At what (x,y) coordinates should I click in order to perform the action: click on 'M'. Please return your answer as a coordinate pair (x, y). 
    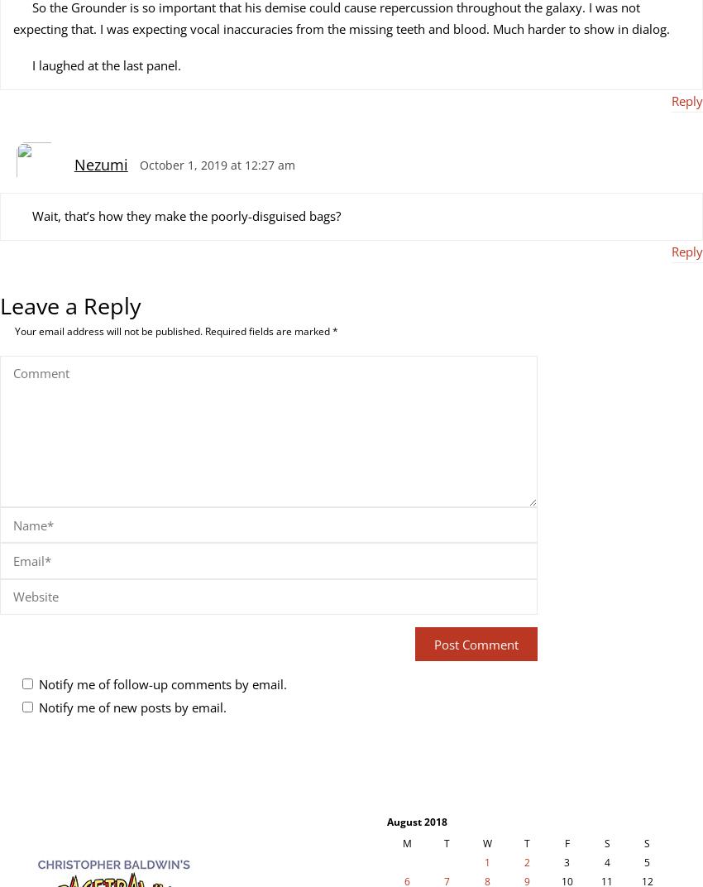
    Looking at the image, I should click on (406, 843).